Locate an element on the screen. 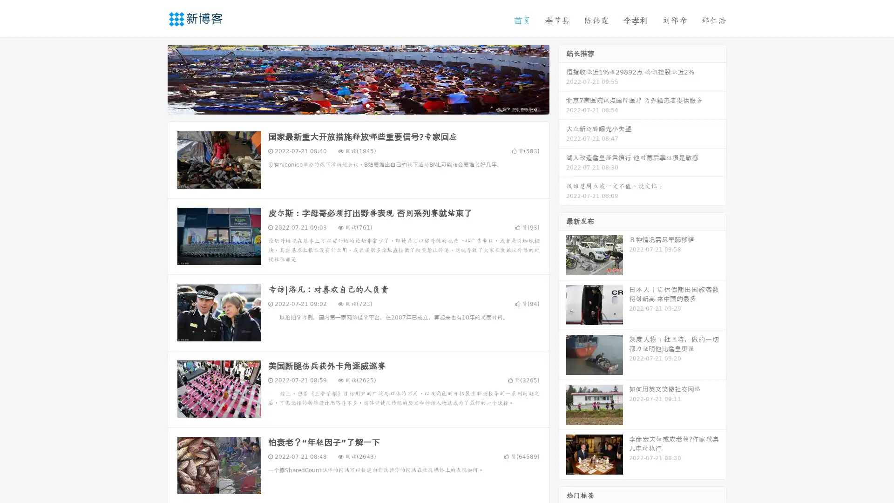 The image size is (894, 503). Go to slide 2 is located at coordinates (358, 105).